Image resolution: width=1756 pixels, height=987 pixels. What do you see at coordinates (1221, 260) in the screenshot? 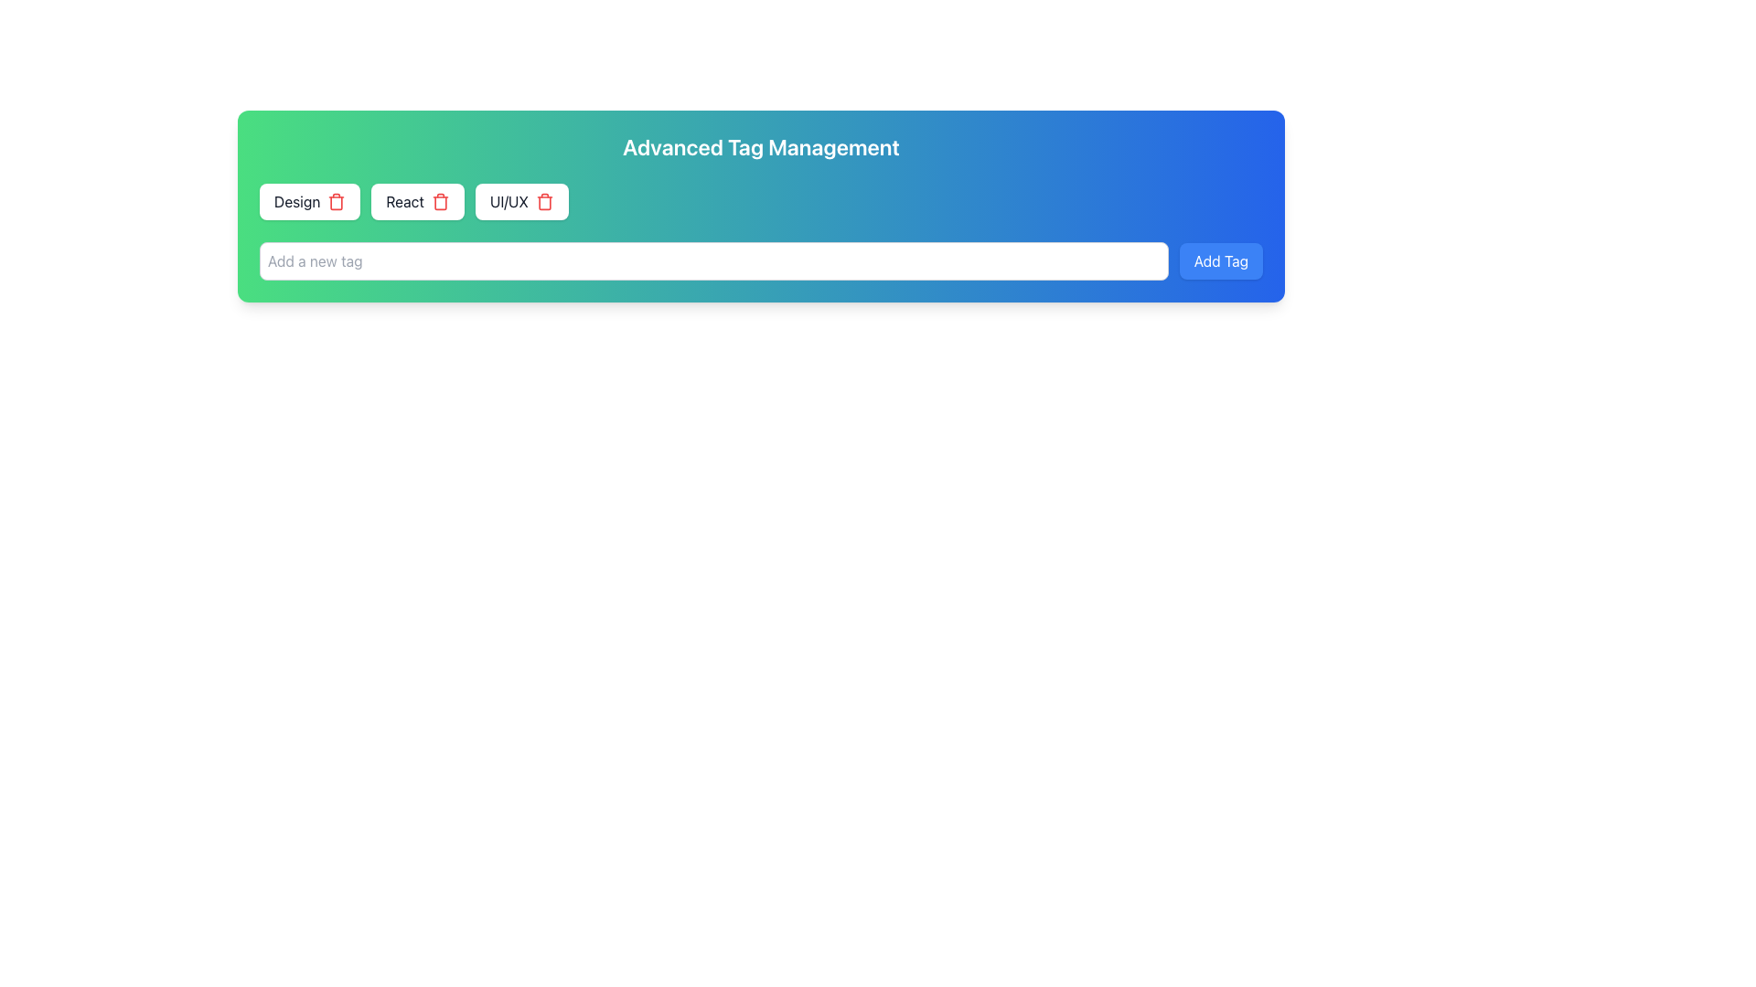
I see `the 'Add Tag' button with a blue background and white text` at bounding box center [1221, 260].